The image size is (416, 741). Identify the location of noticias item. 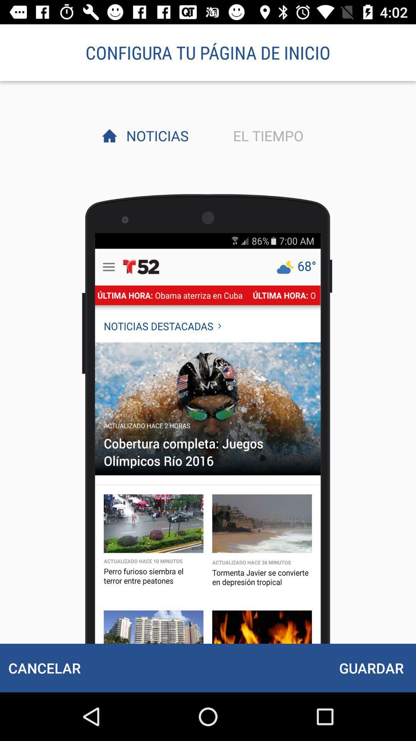
(155, 135).